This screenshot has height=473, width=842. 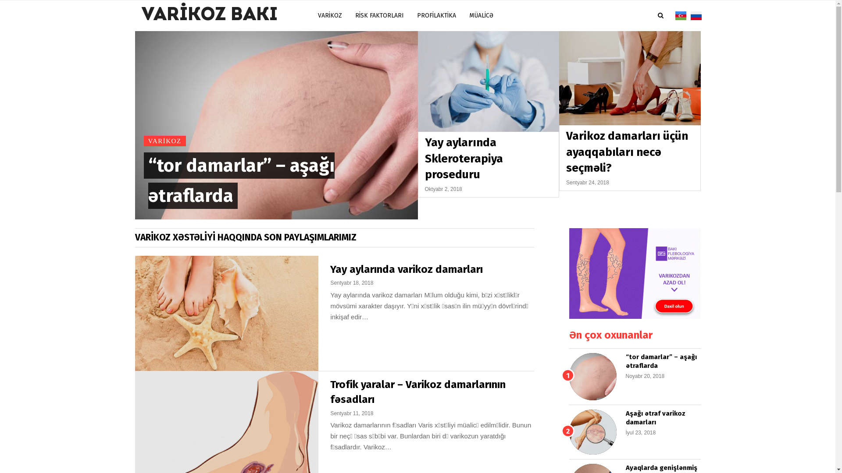 I want to click on 'VARIKOZ BAKI', so click(x=208, y=15).